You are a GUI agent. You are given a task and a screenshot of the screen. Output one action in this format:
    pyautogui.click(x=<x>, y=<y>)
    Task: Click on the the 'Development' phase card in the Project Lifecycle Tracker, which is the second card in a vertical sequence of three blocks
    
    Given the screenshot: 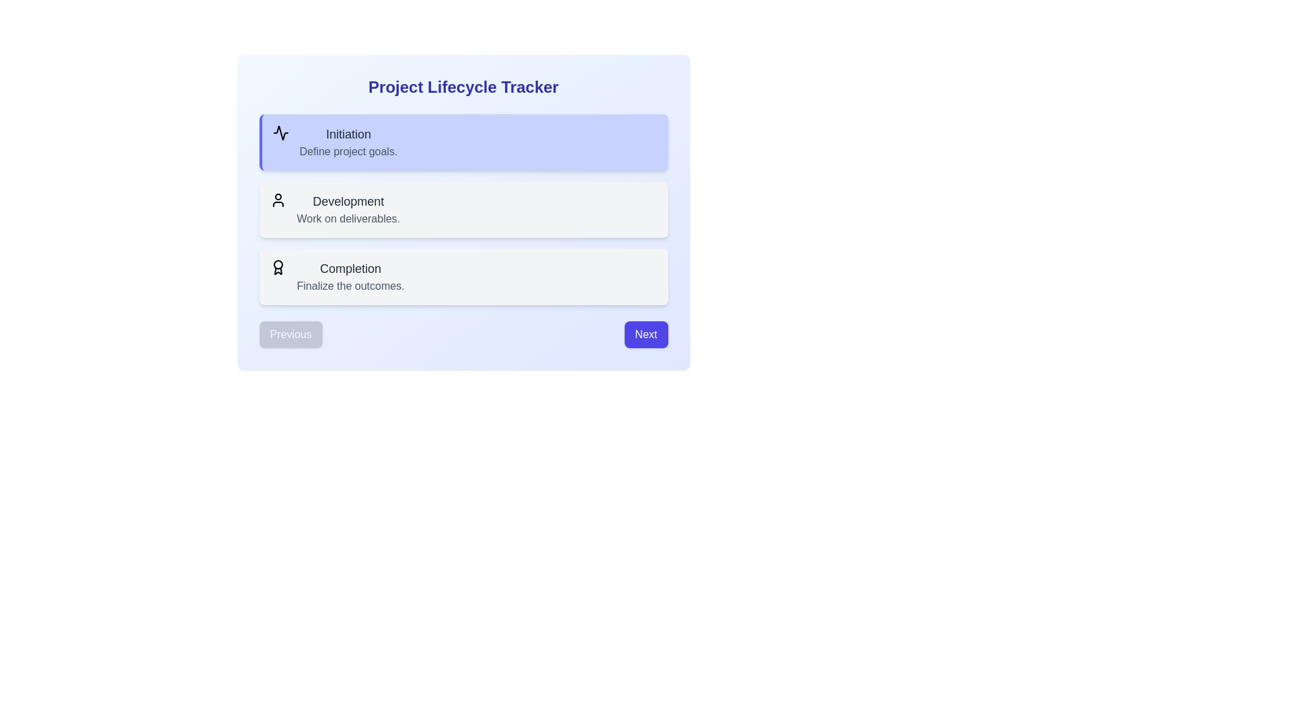 What is the action you would take?
    pyautogui.click(x=463, y=210)
    